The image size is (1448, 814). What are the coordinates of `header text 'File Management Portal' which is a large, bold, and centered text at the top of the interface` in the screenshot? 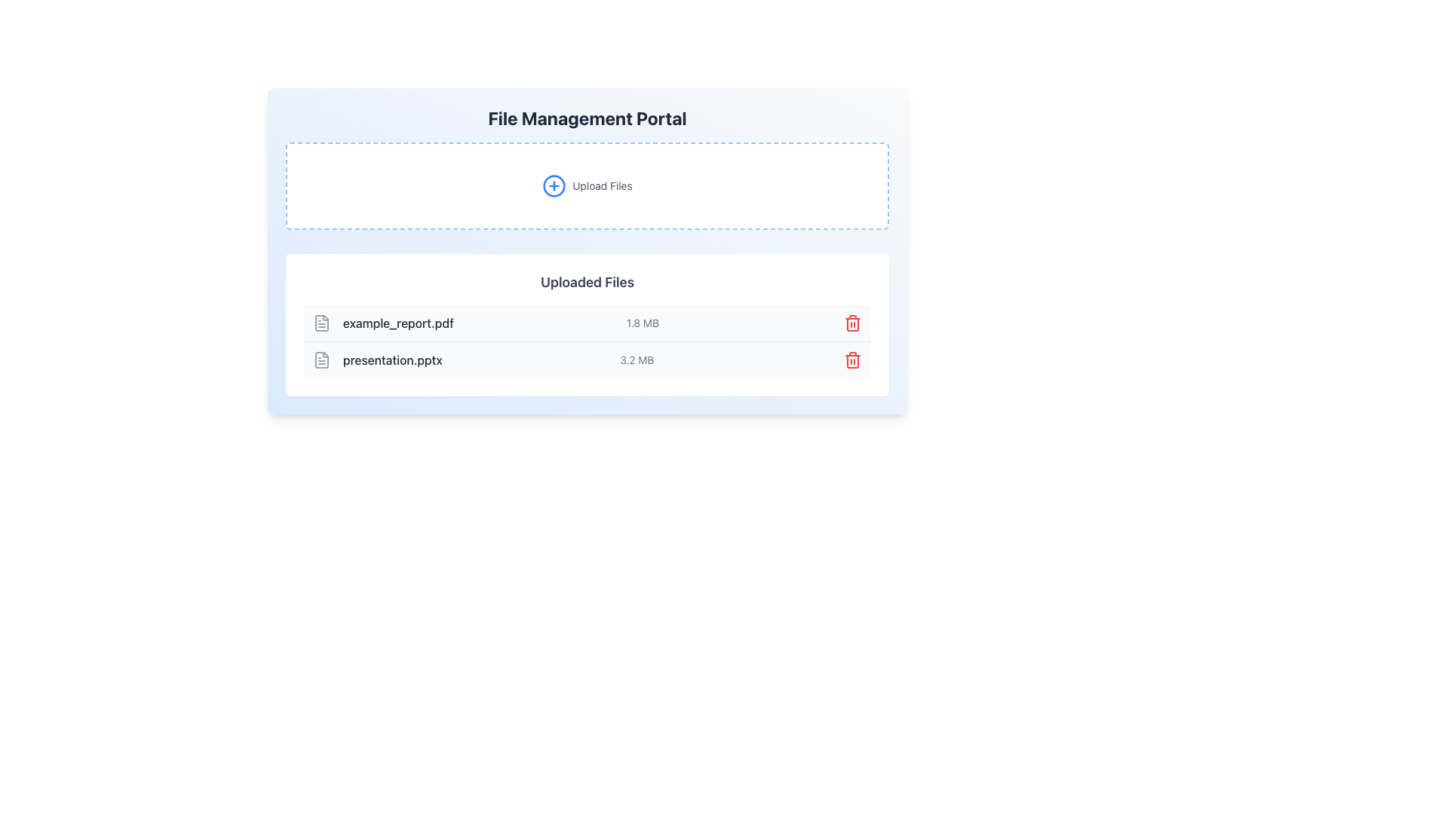 It's located at (586, 118).